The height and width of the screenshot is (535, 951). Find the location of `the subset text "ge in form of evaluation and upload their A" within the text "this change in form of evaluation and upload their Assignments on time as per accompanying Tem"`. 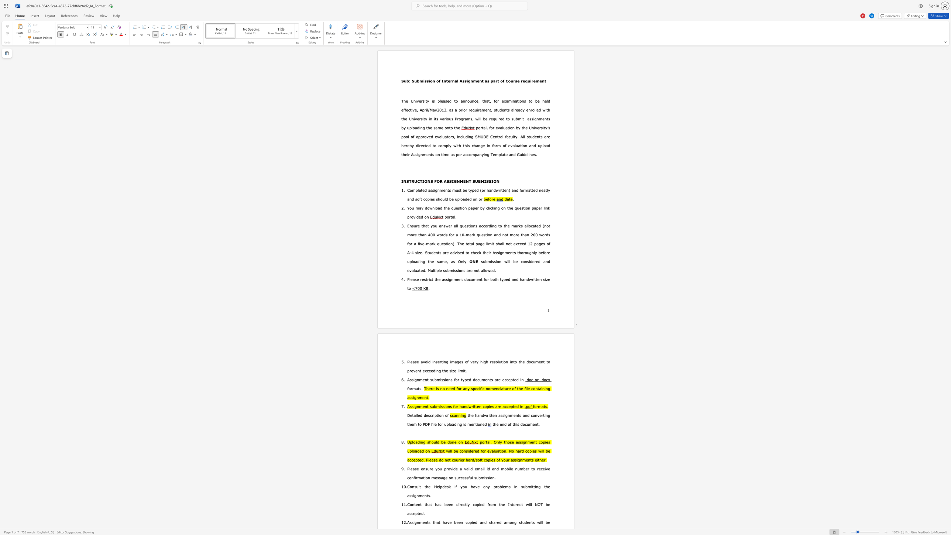

the subset text "ge in form of evaluation and upload their A" within the text "this change in form of evaluation and upload their Assignments on time as per accompanying Tem" is located at coordinates (480, 145).